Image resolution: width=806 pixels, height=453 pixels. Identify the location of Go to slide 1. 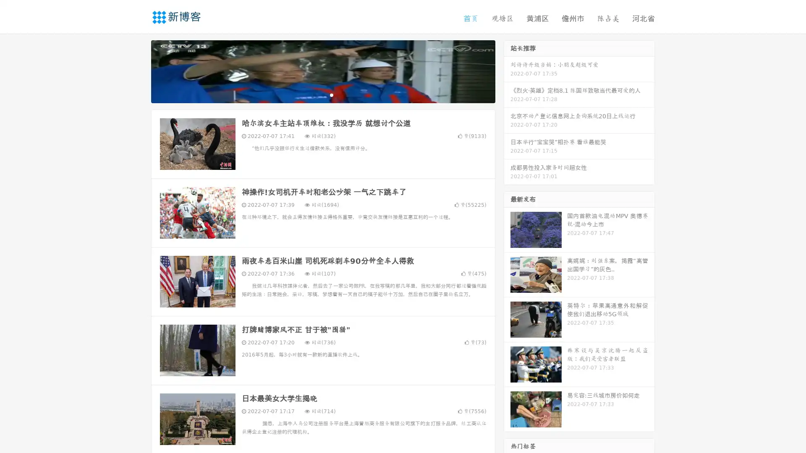
(314, 94).